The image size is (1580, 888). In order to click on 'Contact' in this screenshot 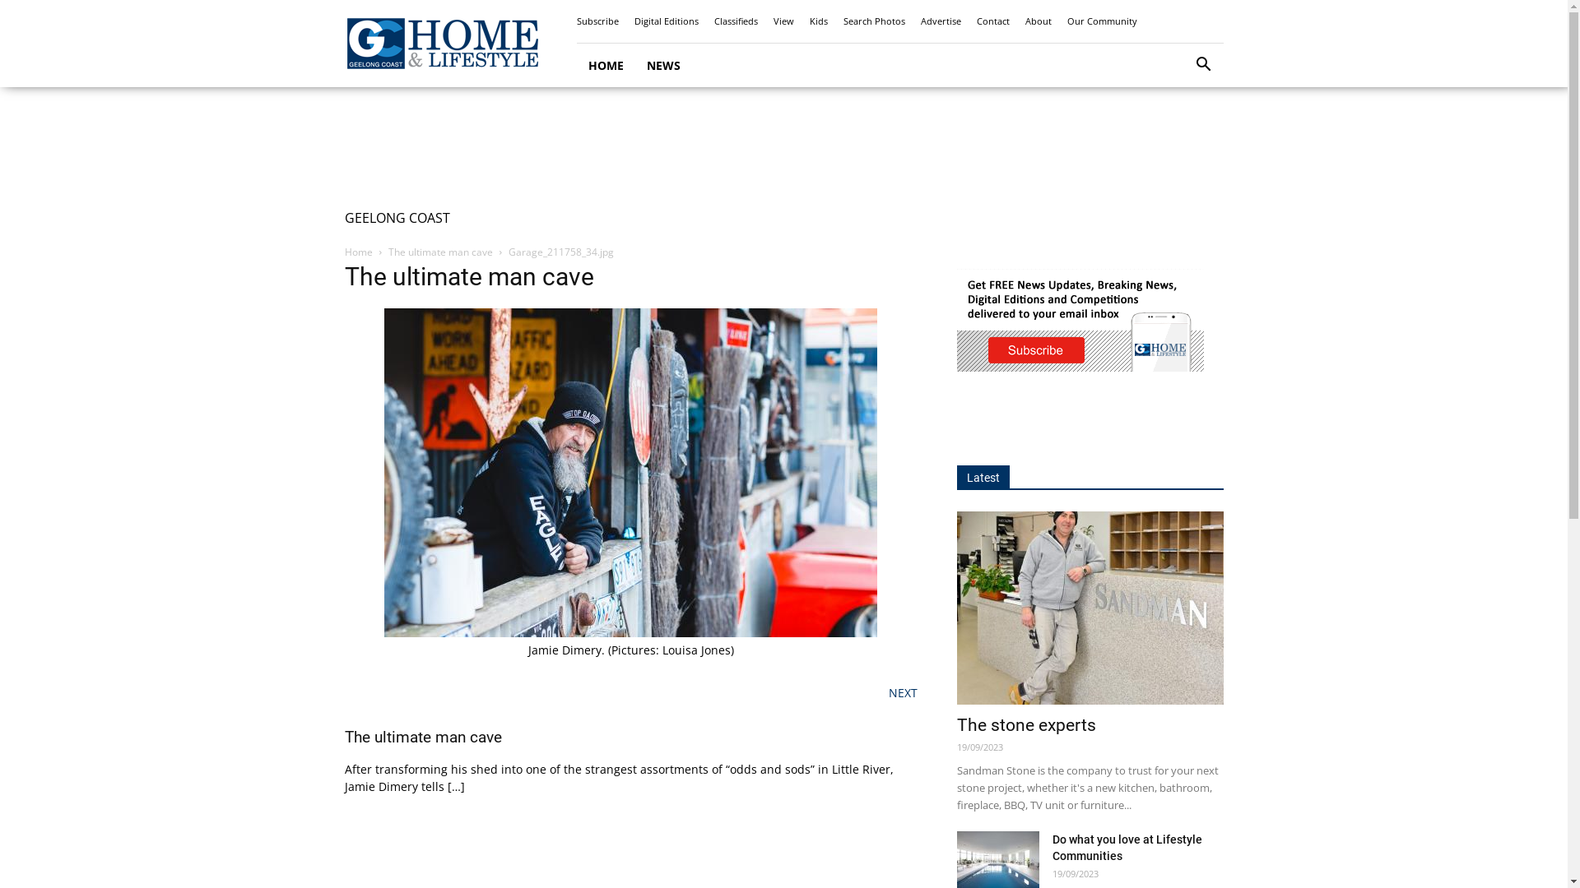, I will do `click(991, 21)`.